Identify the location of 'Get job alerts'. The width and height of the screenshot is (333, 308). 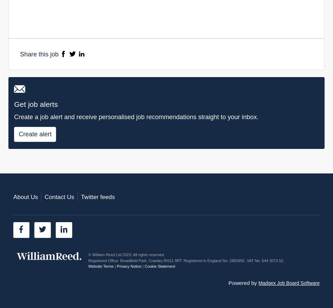
(36, 104).